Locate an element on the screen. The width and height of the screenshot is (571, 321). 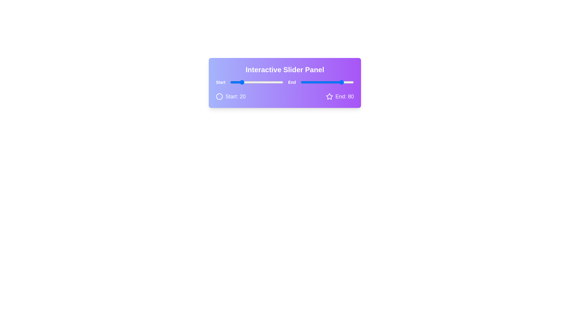
the start slider is located at coordinates (243, 82).